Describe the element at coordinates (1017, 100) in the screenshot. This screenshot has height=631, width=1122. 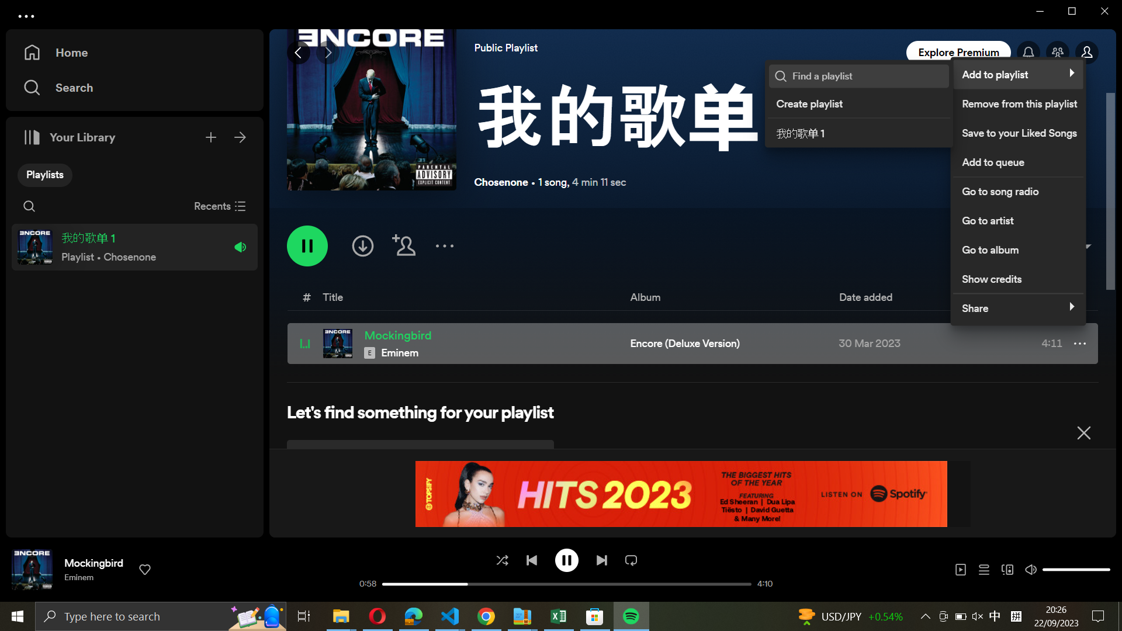
I see `Remove the song from playlist` at that location.